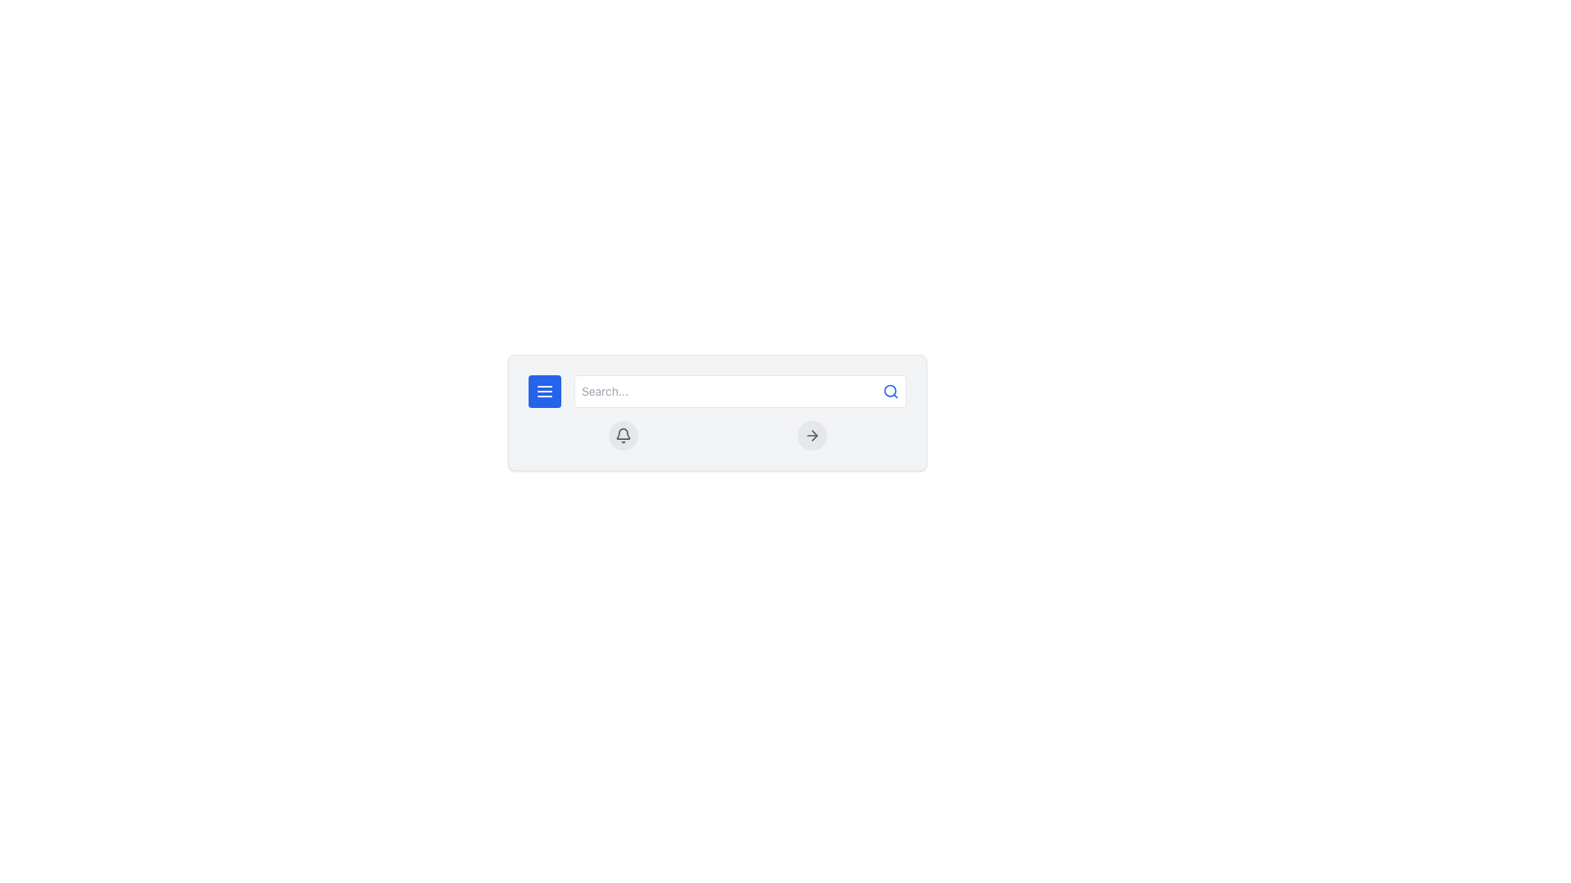 The image size is (1571, 883). What do you see at coordinates (622, 434) in the screenshot?
I see `the notifications trigger button located at the bottom center of the toolbar` at bounding box center [622, 434].